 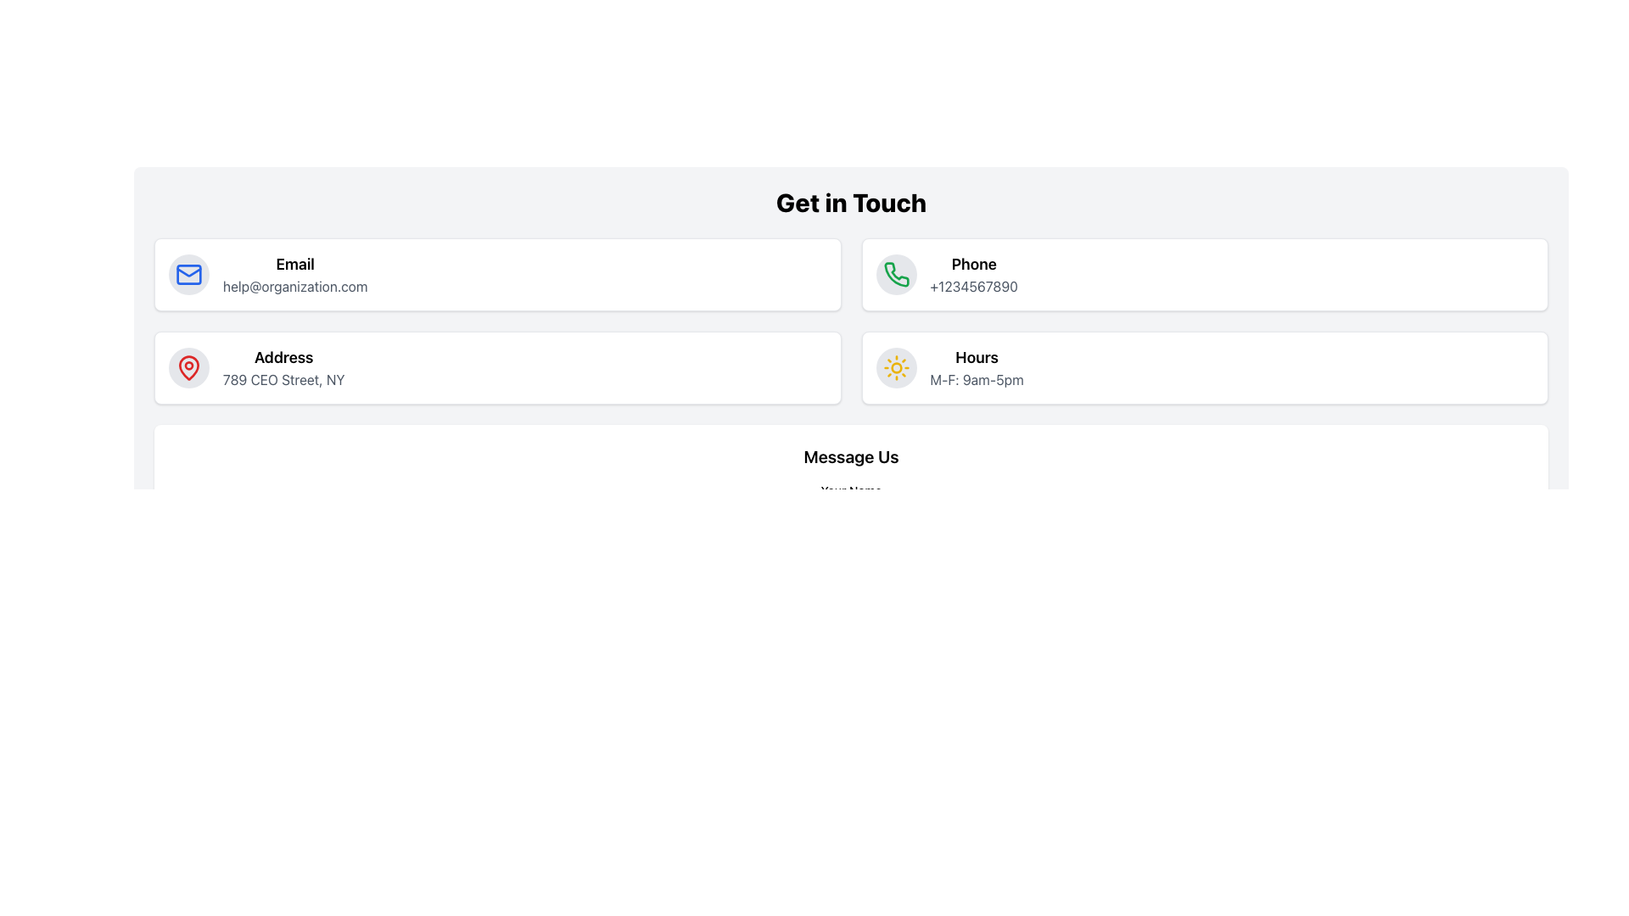 I want to click on the informational card displaying the address information for a company or organization, located in the third column of the grid layout, below the 'Email' and 'Phone' sections, so click(x=496, y=367).